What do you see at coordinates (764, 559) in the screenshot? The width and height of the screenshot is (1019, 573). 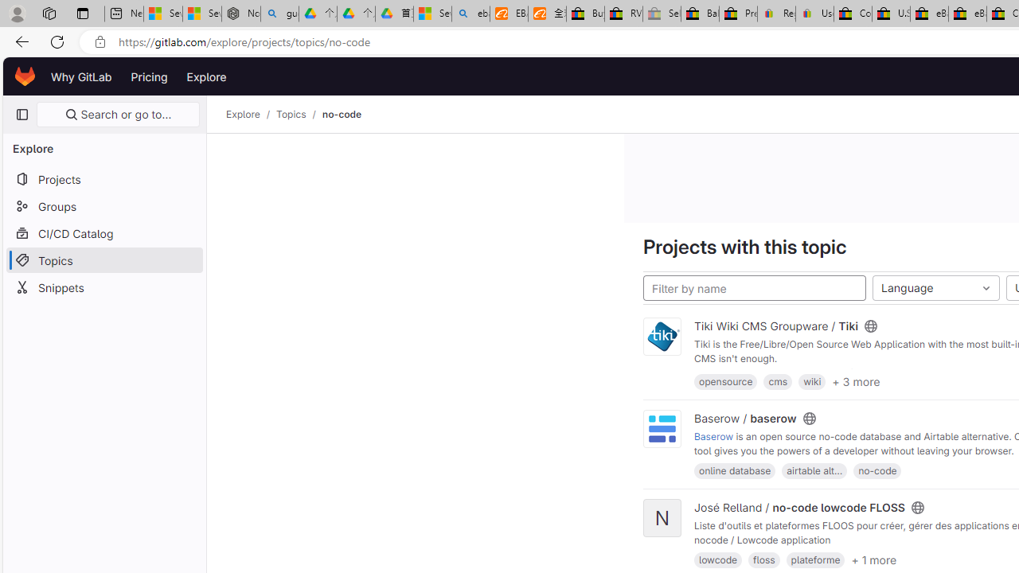 I see `'floss'` at bounding box center [764, 559].